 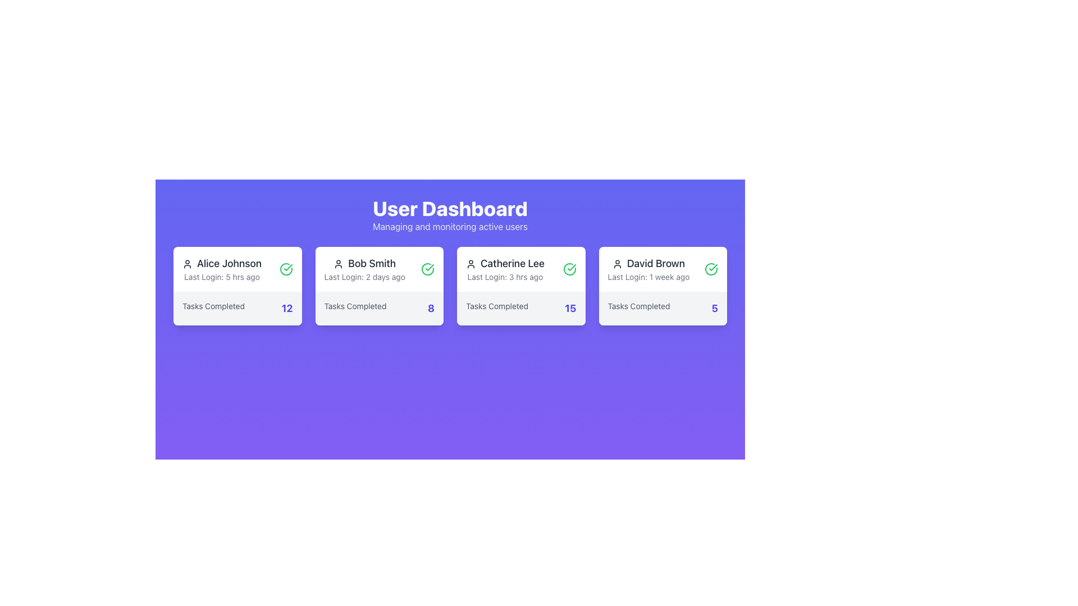 I want to click on the circular graphic icon with a green tick mark located in the top-right corner of the third card labeled 'Catherine Lee' in the User Dashboard, so click(x=569, y=269).